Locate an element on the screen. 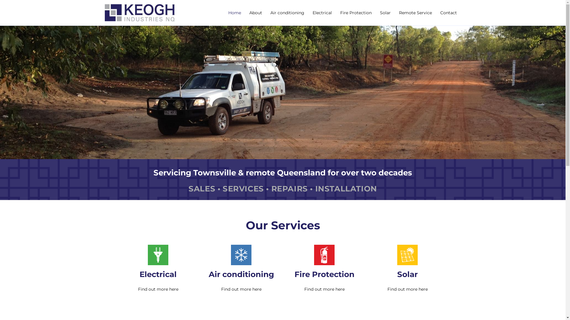 The width and height of the screenshot is (570, 320). 'Solar' is located at coordinates (397, 274).